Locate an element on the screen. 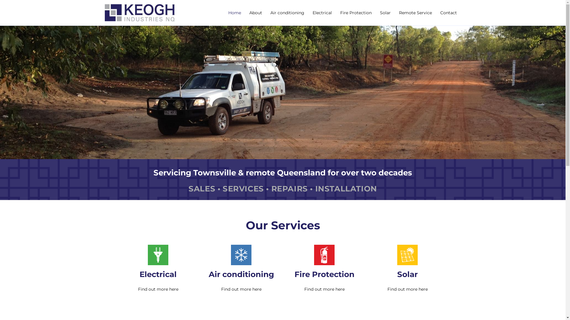 The width and height of the screenshot is (570, 320). 'Solar' is located at coordinates (397, 274).